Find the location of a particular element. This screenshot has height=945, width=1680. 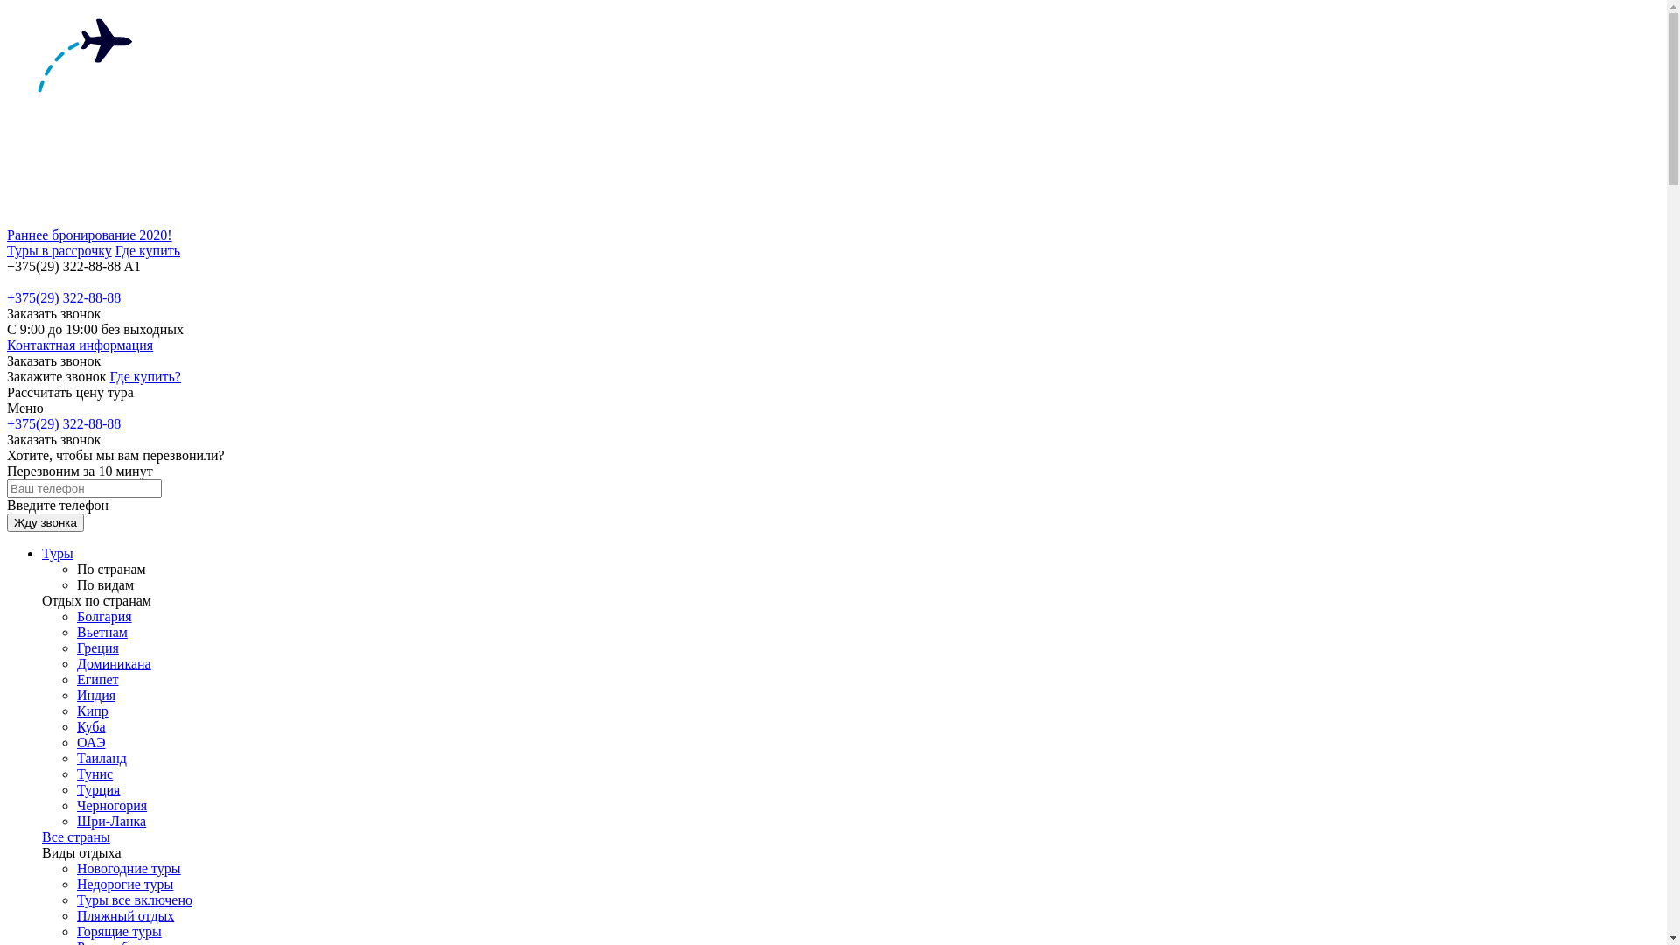

'+375(29) 322-88-88' is located at coordinates (63, 423).